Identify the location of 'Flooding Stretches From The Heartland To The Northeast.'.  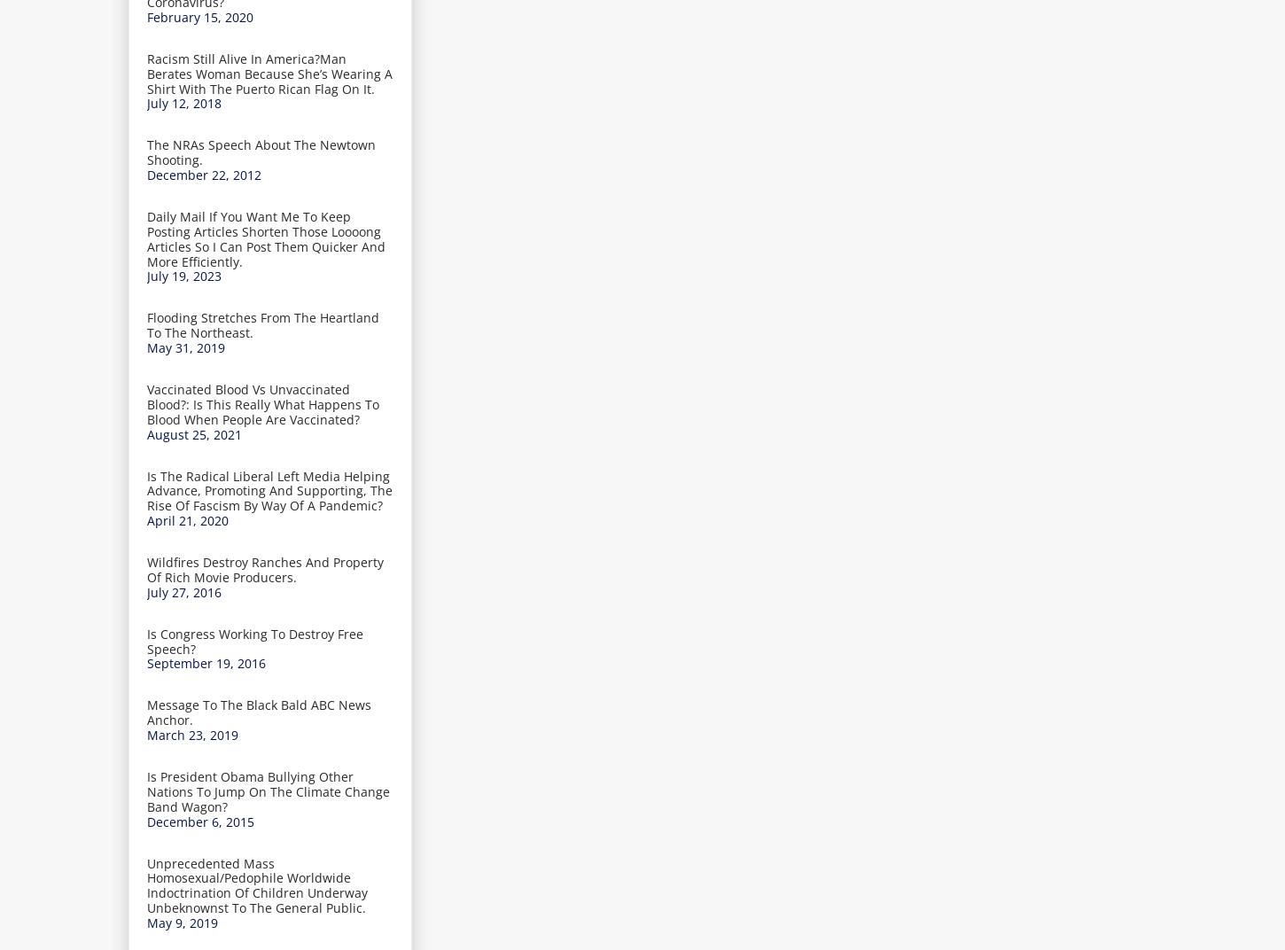
(262, 325).